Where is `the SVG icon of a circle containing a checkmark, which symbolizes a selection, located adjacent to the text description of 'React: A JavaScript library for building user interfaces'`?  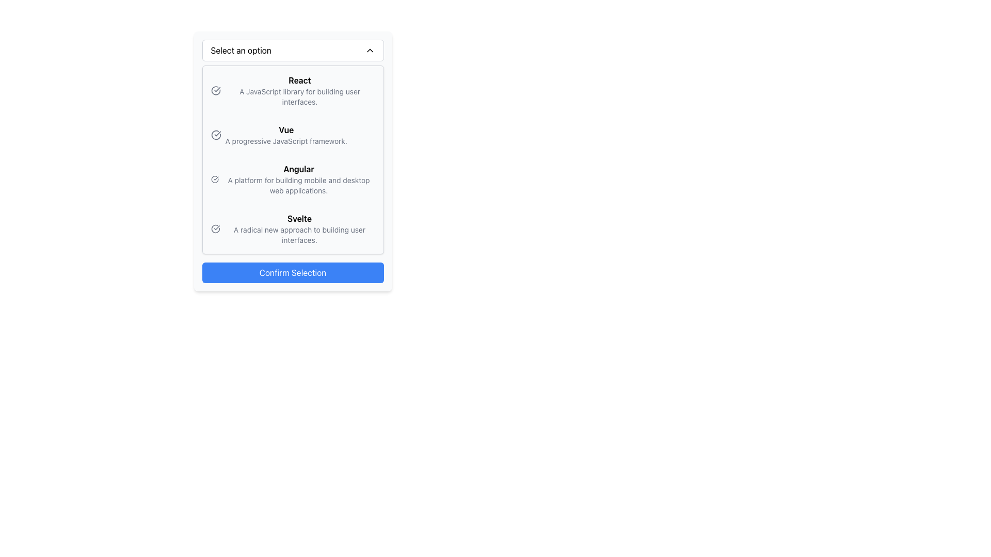
the SVG icon of a circle containing a checkmark, which symbolizes a selection, located adjacent to the text description of 'React: A JavaScript library for building user interfaces' is located at coordinates (215, 90).